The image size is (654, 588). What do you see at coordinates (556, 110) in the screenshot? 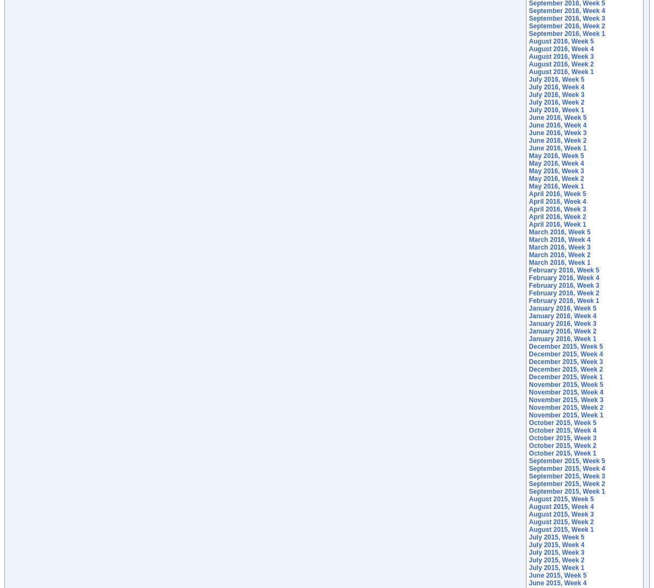
I see `'July 2016, Week 1'` at bounding box center [556, 110].